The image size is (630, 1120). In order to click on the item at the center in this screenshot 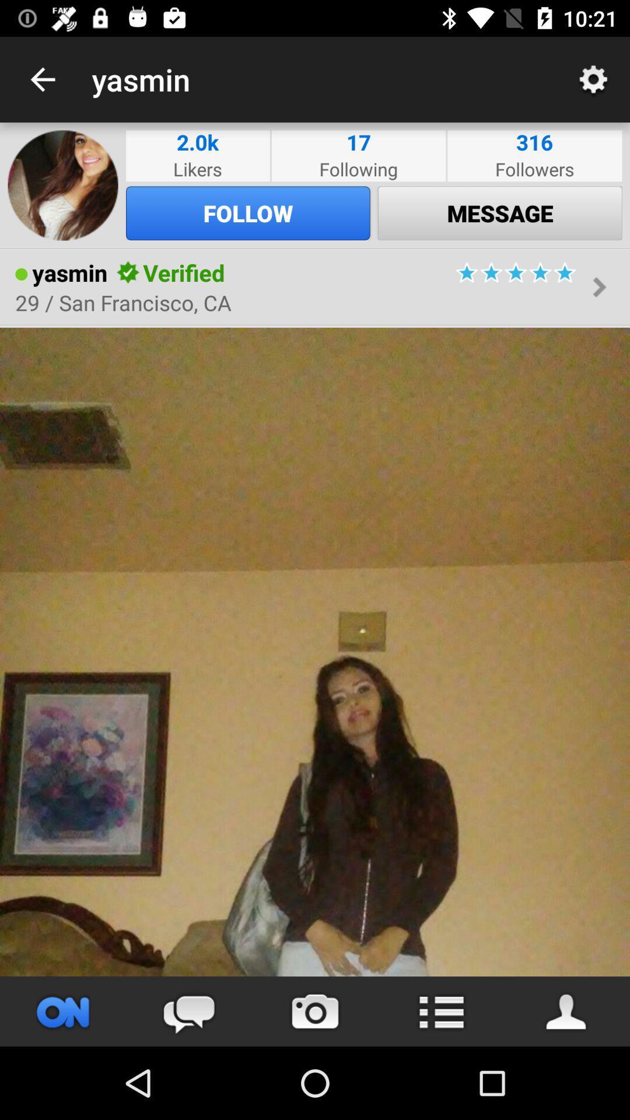, I will do `click(315, 651)`.